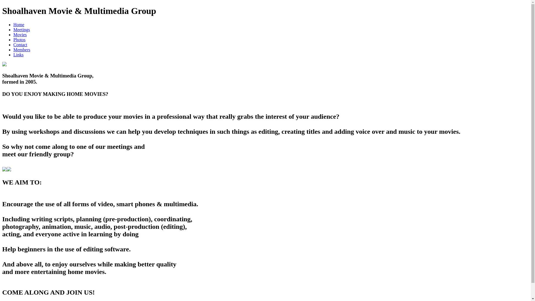  Describe the element at coordinates (18, 55) in the screenshot. I see `'Links'` at that location.